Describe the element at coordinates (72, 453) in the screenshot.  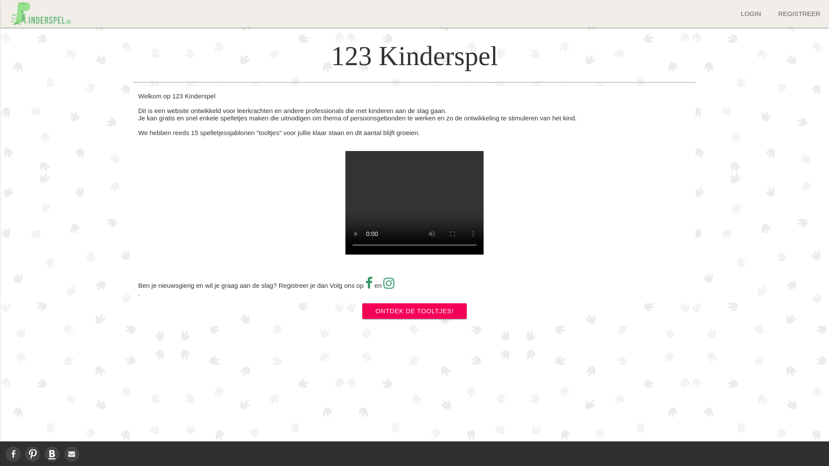
I see `'mail'` at that location.